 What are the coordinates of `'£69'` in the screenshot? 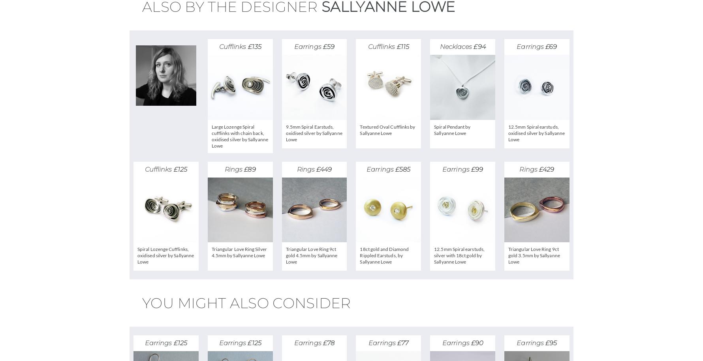 It's located at (551, 46).